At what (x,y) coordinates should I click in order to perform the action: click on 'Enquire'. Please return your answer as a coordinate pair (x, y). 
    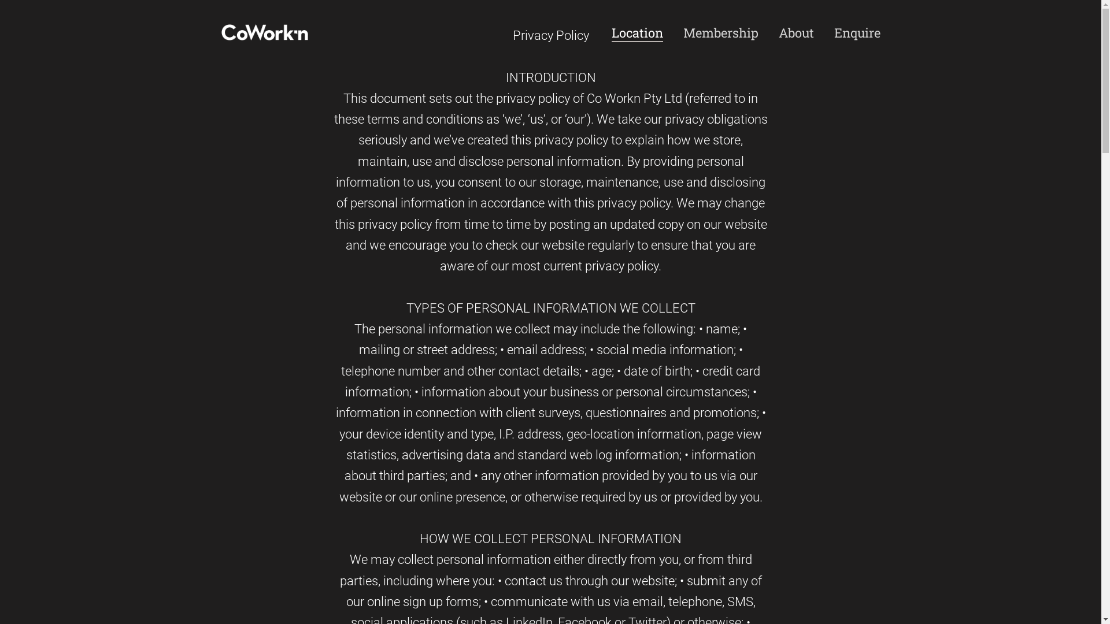
    Looking at the image, I should click on (857, 32).